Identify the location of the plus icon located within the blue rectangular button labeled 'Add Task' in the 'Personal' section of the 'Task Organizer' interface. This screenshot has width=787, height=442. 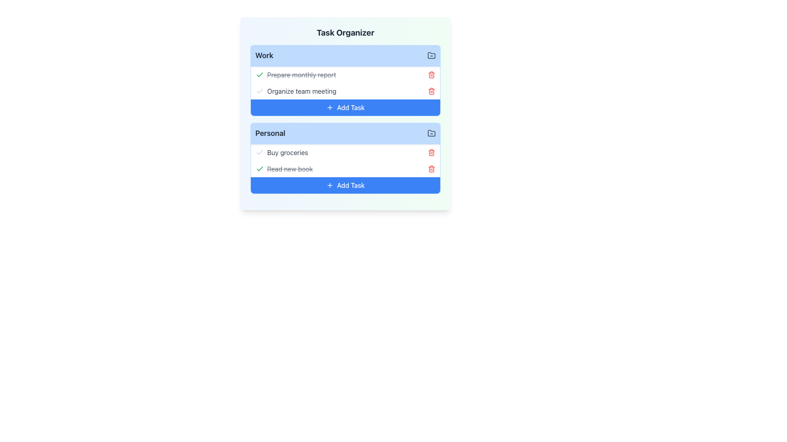
(330, 185).